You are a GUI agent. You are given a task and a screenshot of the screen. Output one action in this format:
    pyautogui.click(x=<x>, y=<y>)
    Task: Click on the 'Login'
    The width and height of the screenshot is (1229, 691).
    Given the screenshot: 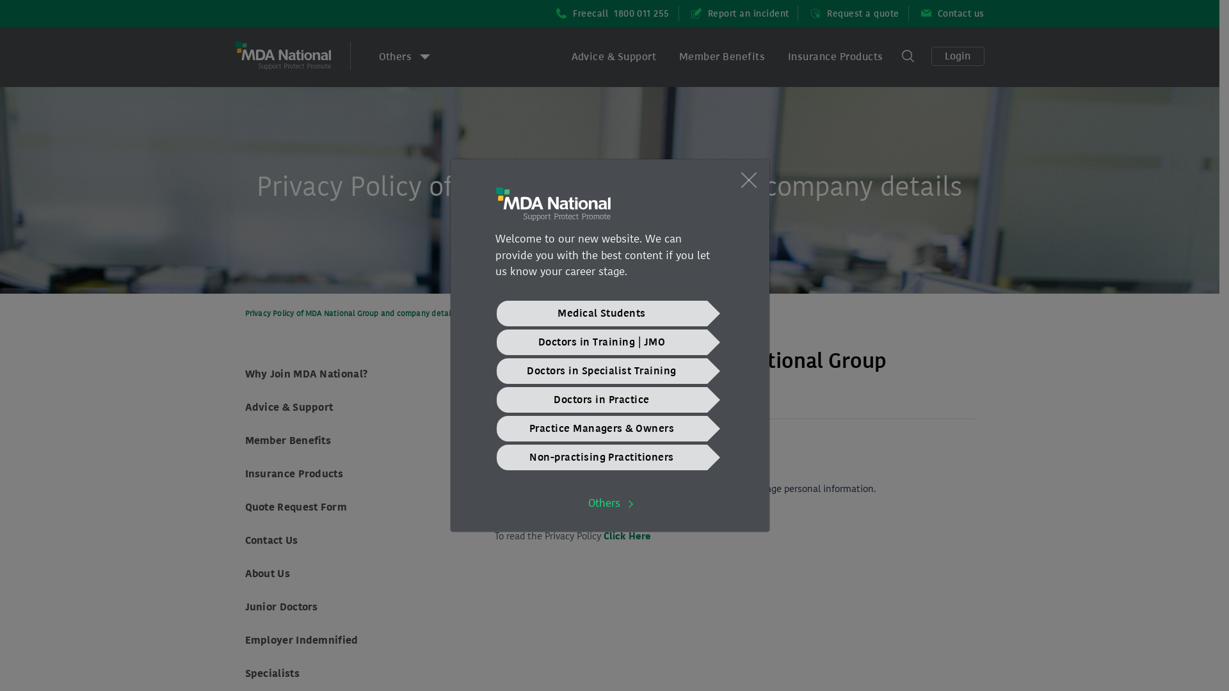 What is the action you would take?
    pyautogui.click(x=931, y=56)
    